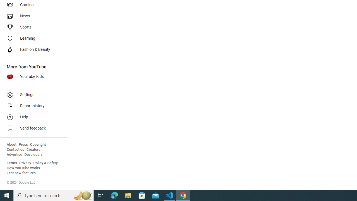  Describe the element at coordinates (25, 163) in the screenshot. I see `'Privacy'` at that location.